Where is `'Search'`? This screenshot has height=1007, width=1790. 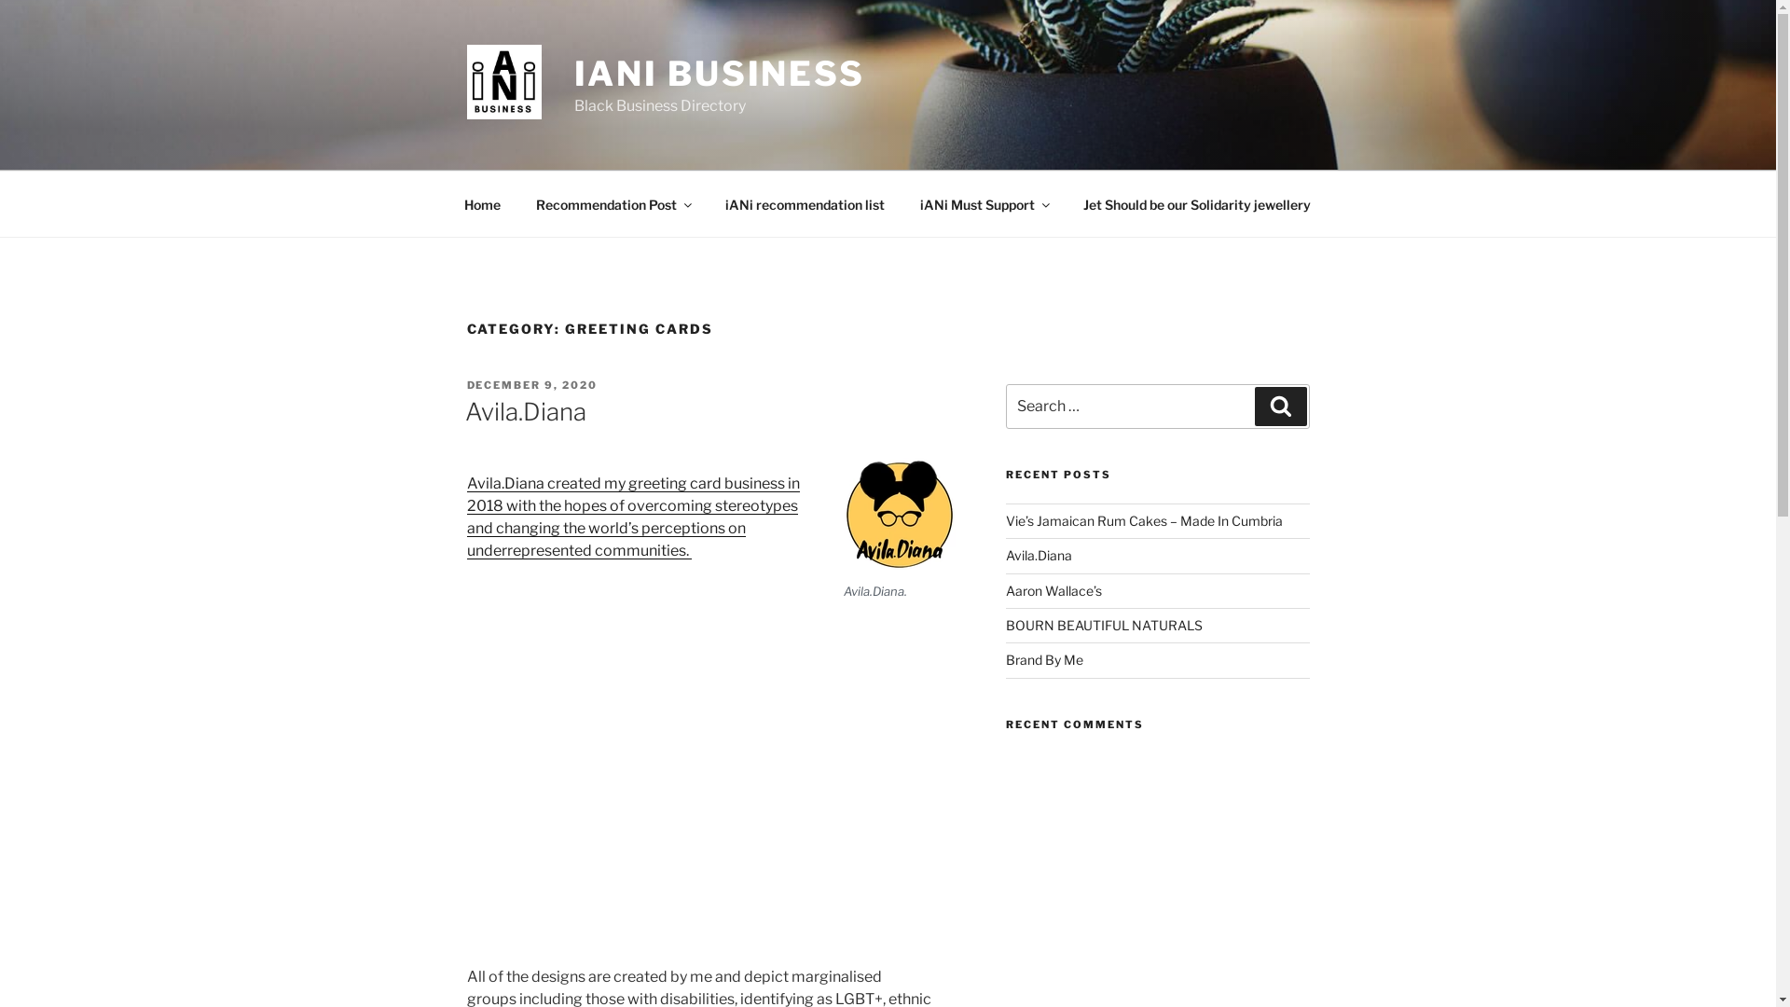 'Search' is located at coordinates (1279, 405).